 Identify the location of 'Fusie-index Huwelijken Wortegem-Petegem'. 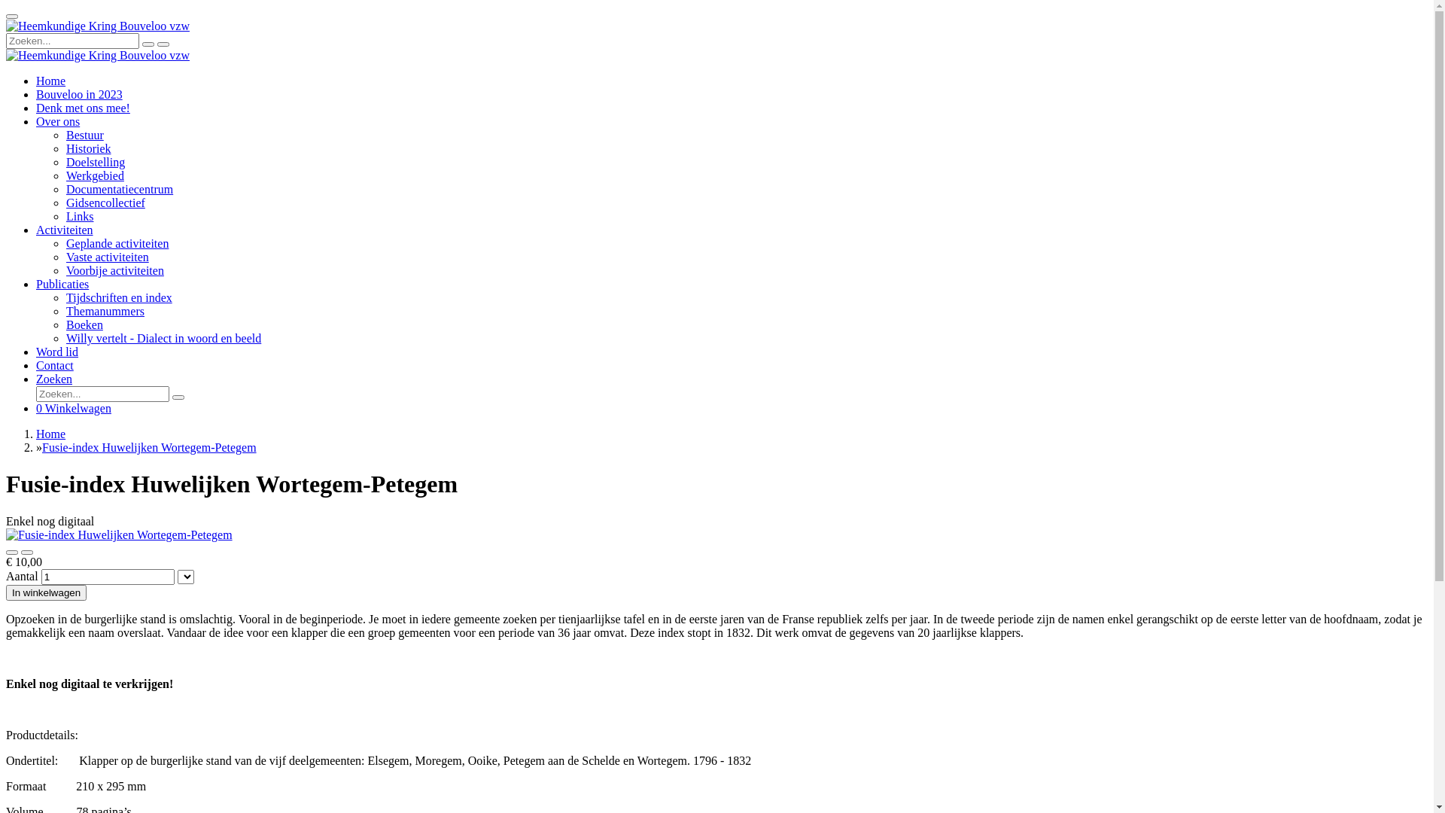
(149, 446).